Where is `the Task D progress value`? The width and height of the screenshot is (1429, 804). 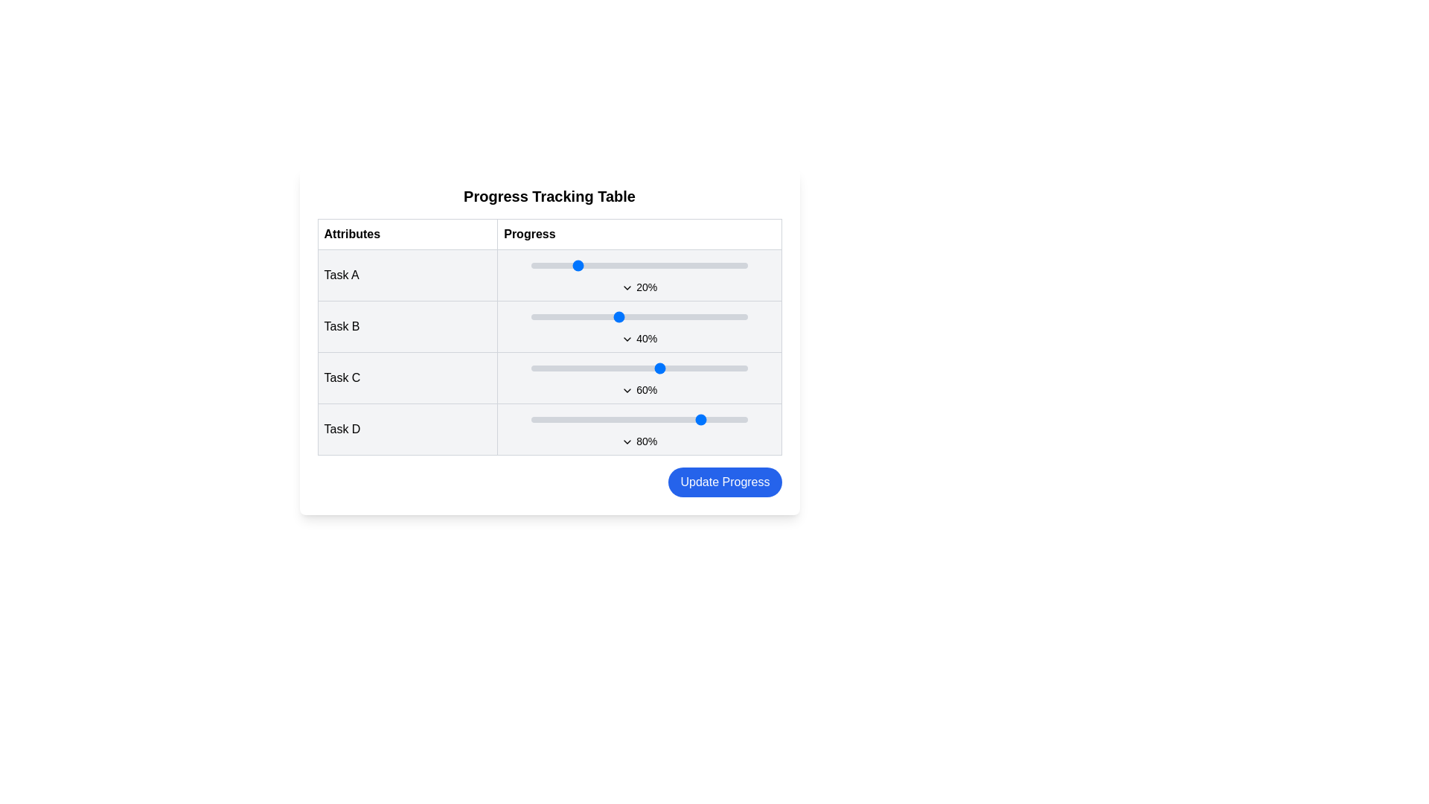
the Task D progress value is located at coordinates (592, 419).